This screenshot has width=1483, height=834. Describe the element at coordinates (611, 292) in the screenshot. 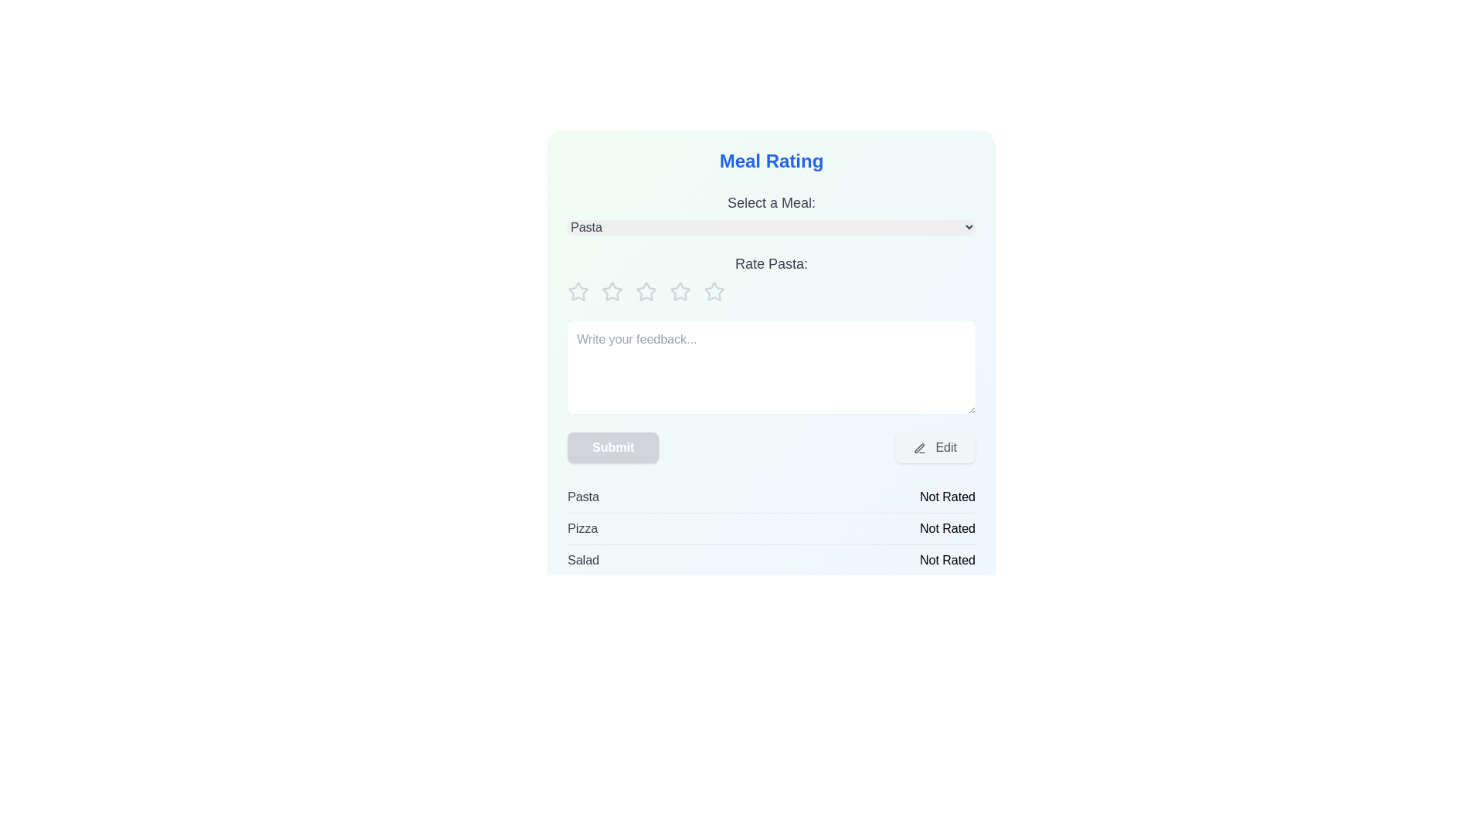

I see `the third star in the five-star rating system under the 'Rate Pasta' label` at that location.